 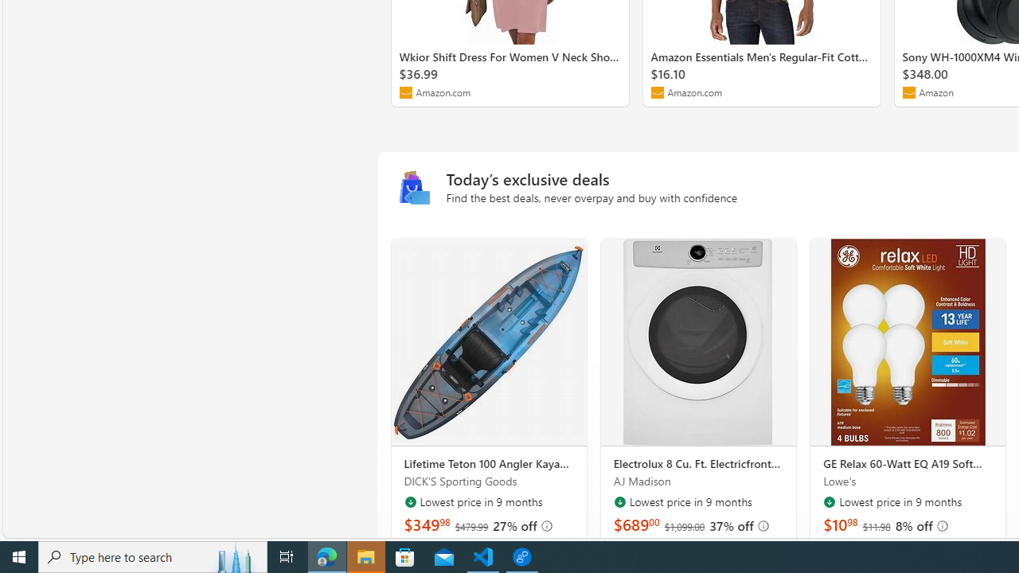 I want to click on 'Deals icon', so click(x=414, y=188).